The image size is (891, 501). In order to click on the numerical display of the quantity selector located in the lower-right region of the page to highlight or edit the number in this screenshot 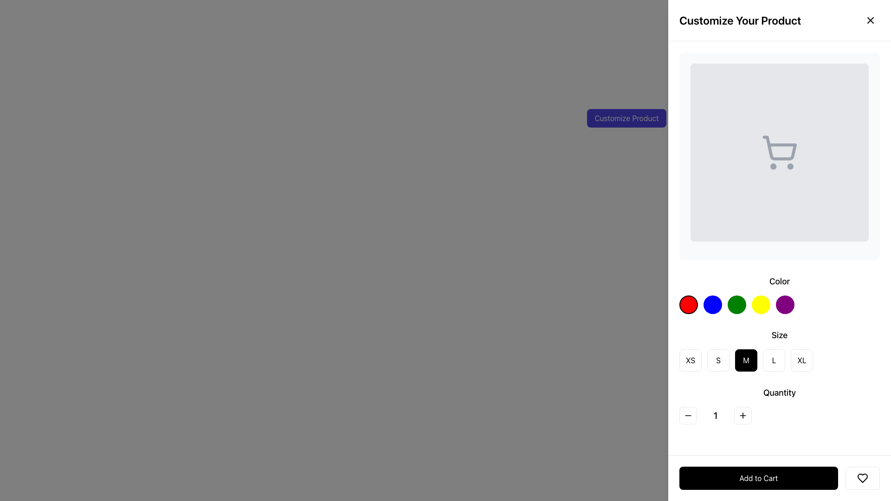, I will do `click(780, 415)`.